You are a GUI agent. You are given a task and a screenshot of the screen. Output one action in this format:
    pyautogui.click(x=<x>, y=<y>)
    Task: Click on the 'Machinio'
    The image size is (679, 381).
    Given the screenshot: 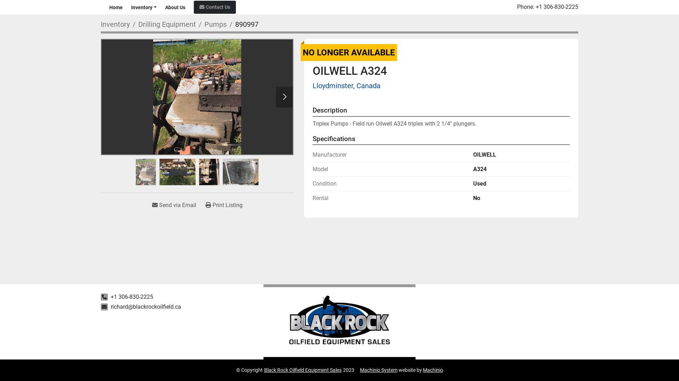 What is the action you would take?
    pyautogui.click(x=433, y=370)
    